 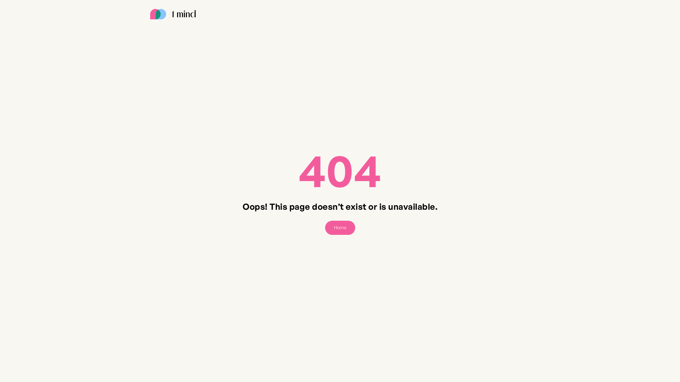 What do you see at coordinates (340, 228) in the screenshot?
I see `'Home'` at bounding box center [340, 228].